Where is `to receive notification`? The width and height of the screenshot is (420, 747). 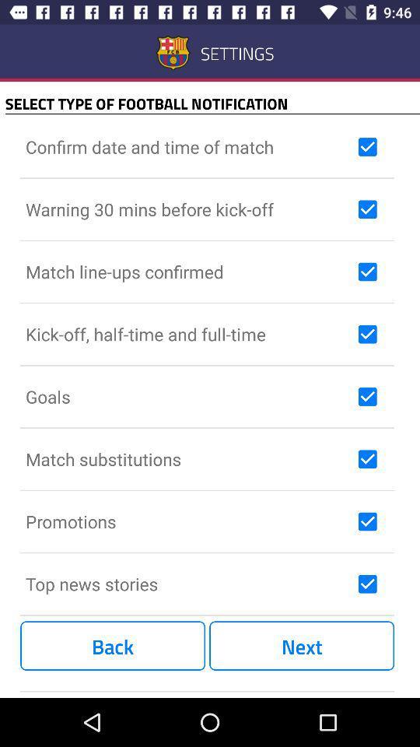 to receive notification is located at coordinates (367, 272).